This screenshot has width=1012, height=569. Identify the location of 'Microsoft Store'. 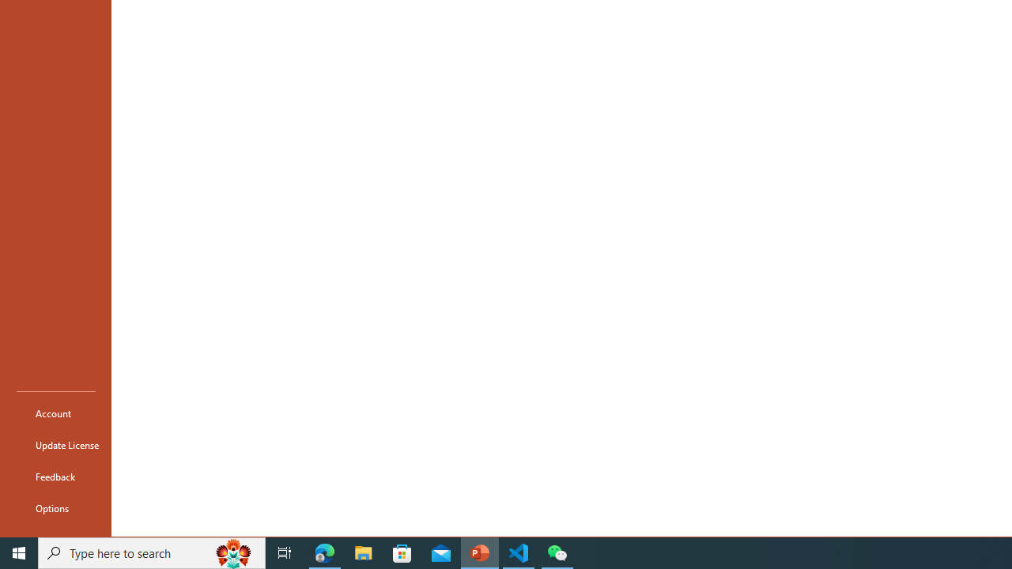
(402, 552).